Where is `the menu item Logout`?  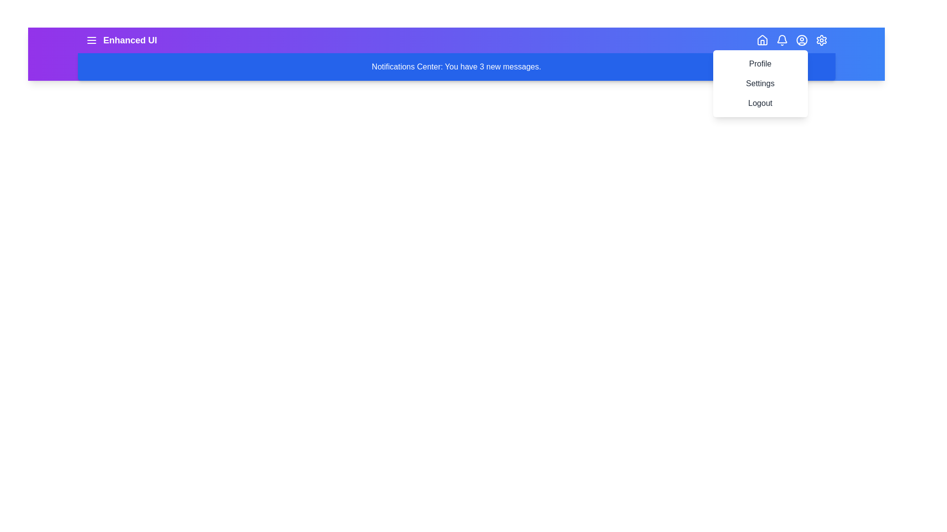
the menu item Logout is located at coordinates (760, 103).